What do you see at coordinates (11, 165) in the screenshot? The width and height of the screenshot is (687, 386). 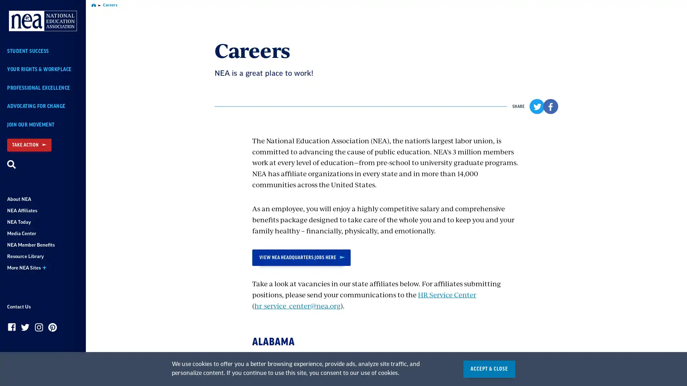 I see `Search` at bounding box center [11, 165].